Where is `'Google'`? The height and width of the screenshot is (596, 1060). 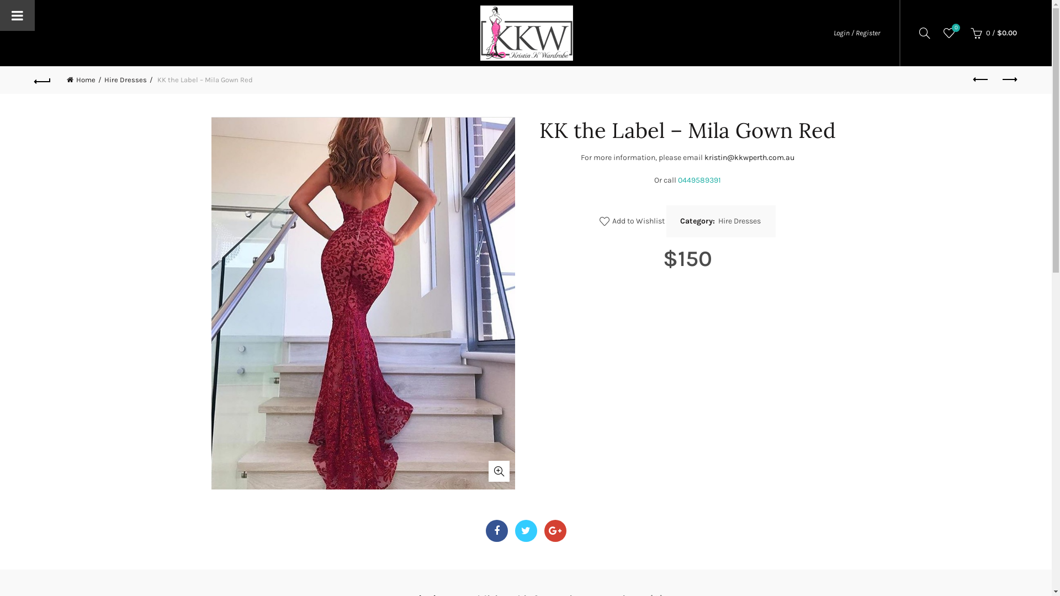
'Google' is located at coordinates (555, 530).